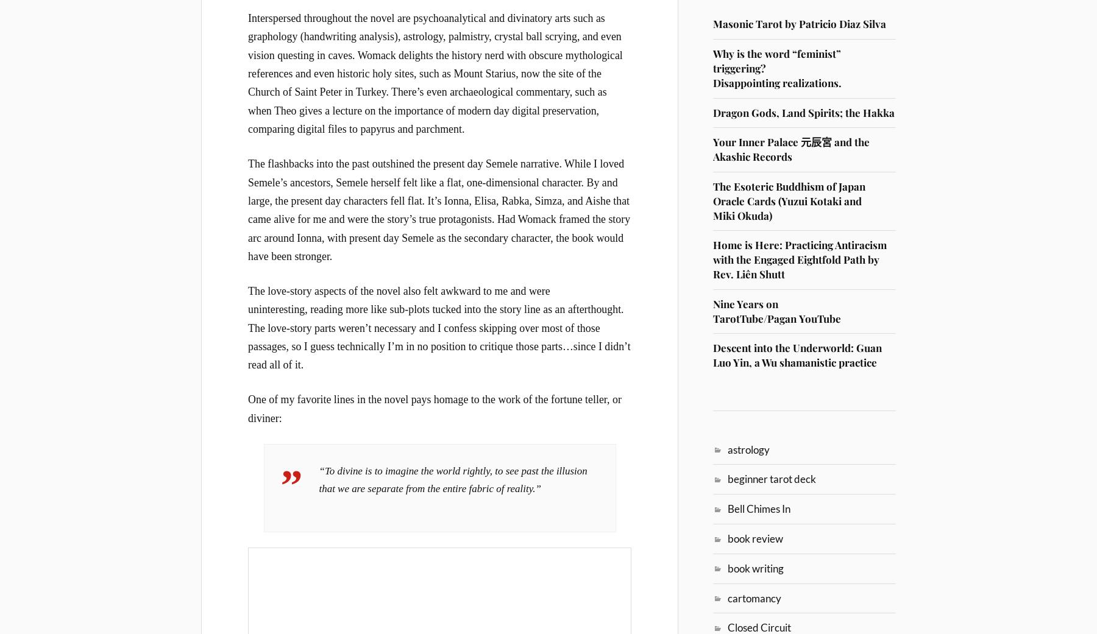  I want to click on 'book writing', so click(756, 567).